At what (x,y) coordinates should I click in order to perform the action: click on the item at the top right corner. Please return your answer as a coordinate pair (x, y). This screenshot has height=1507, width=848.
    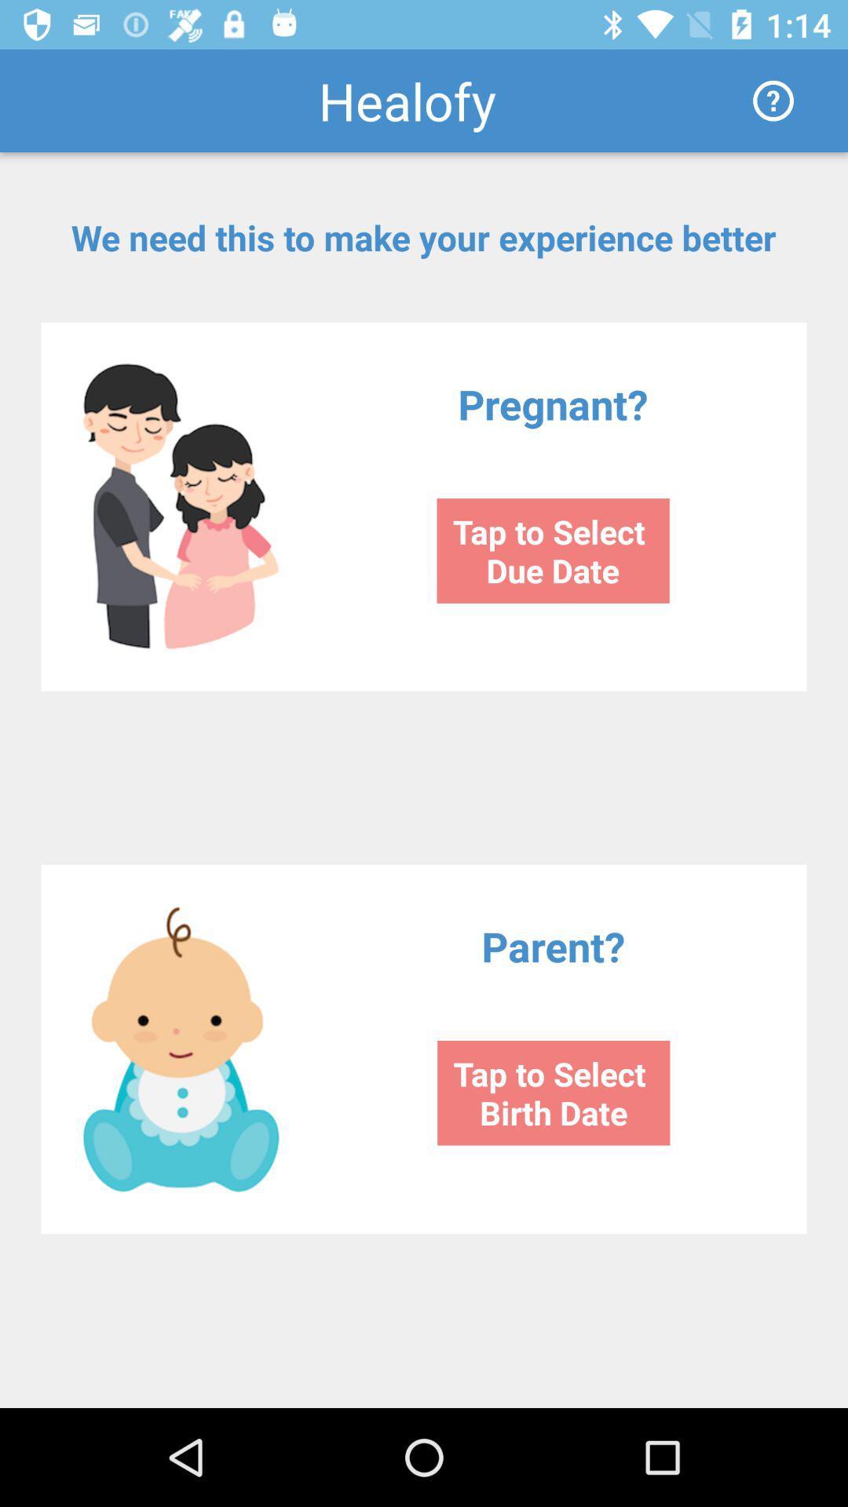
    Looking at the image, I should click on (773, 100).